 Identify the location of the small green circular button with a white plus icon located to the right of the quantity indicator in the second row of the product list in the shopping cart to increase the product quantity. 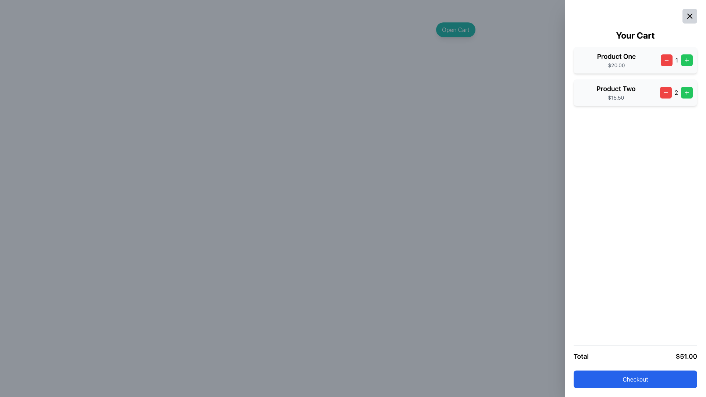
(686, 60).